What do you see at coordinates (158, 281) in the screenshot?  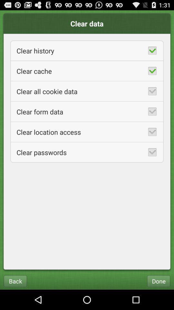 I see `the button at the bottom right corner` at bounding box center [158, 281].